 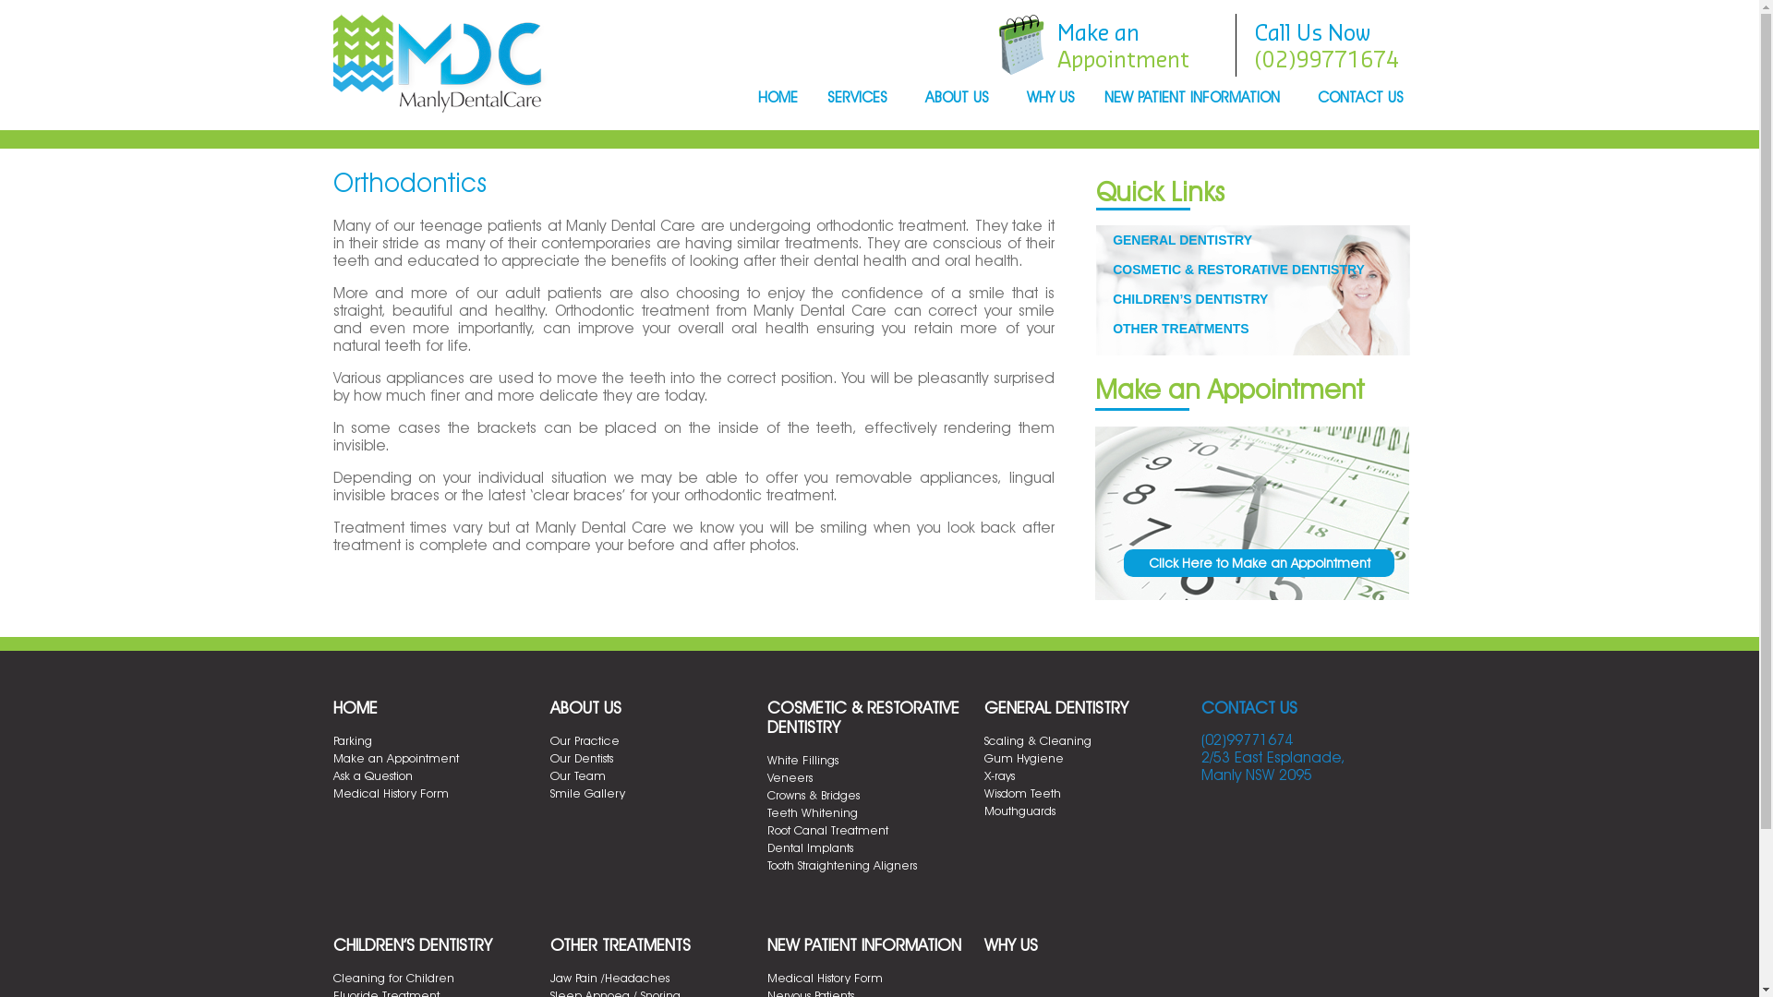 What do you see at coordinates (1022, 758) in the screenshot?
I see `'Gum Hygiene'` at bounding box center [1022, 758].